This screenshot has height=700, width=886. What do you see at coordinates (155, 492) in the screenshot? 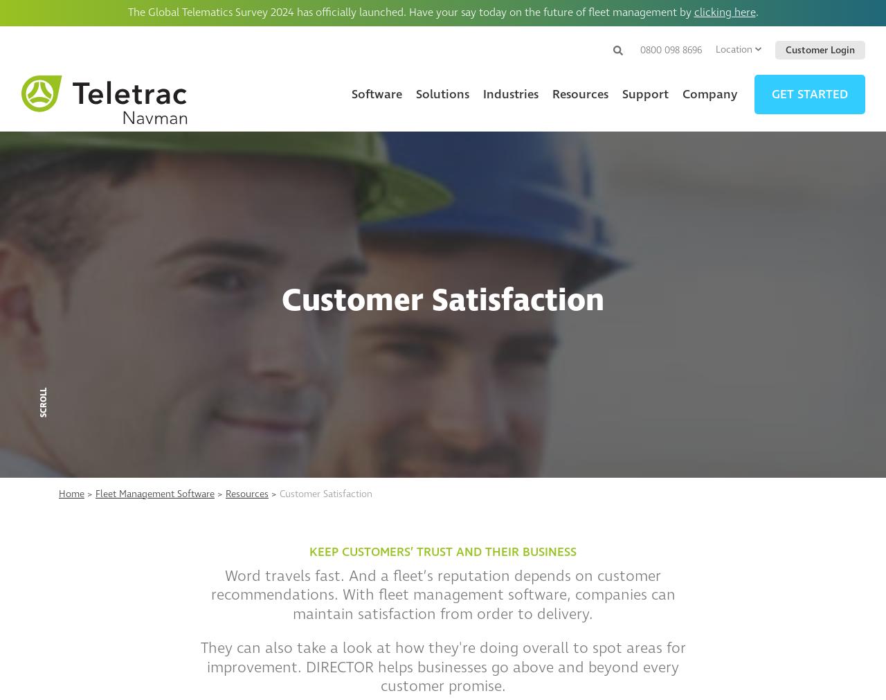
I see `'Fleet Management Software'` at bounding box center [155, 492].